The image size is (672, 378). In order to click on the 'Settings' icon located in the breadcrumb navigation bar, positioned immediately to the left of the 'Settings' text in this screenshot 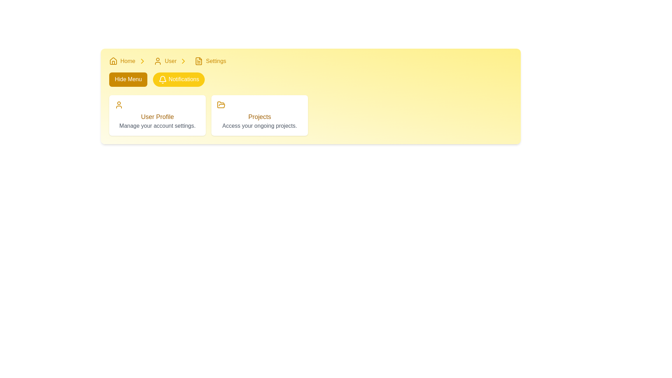, I will do `click(198, 61)`.